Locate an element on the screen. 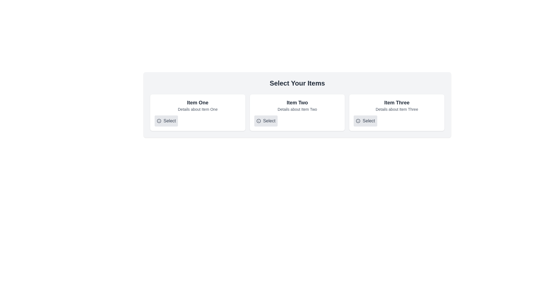 The width and height of the screenshot is (533, 299). the descriptive text label providing information about 'Item Two', which is located below the title and above the 'Select' button is located at coordinates (297, 109).